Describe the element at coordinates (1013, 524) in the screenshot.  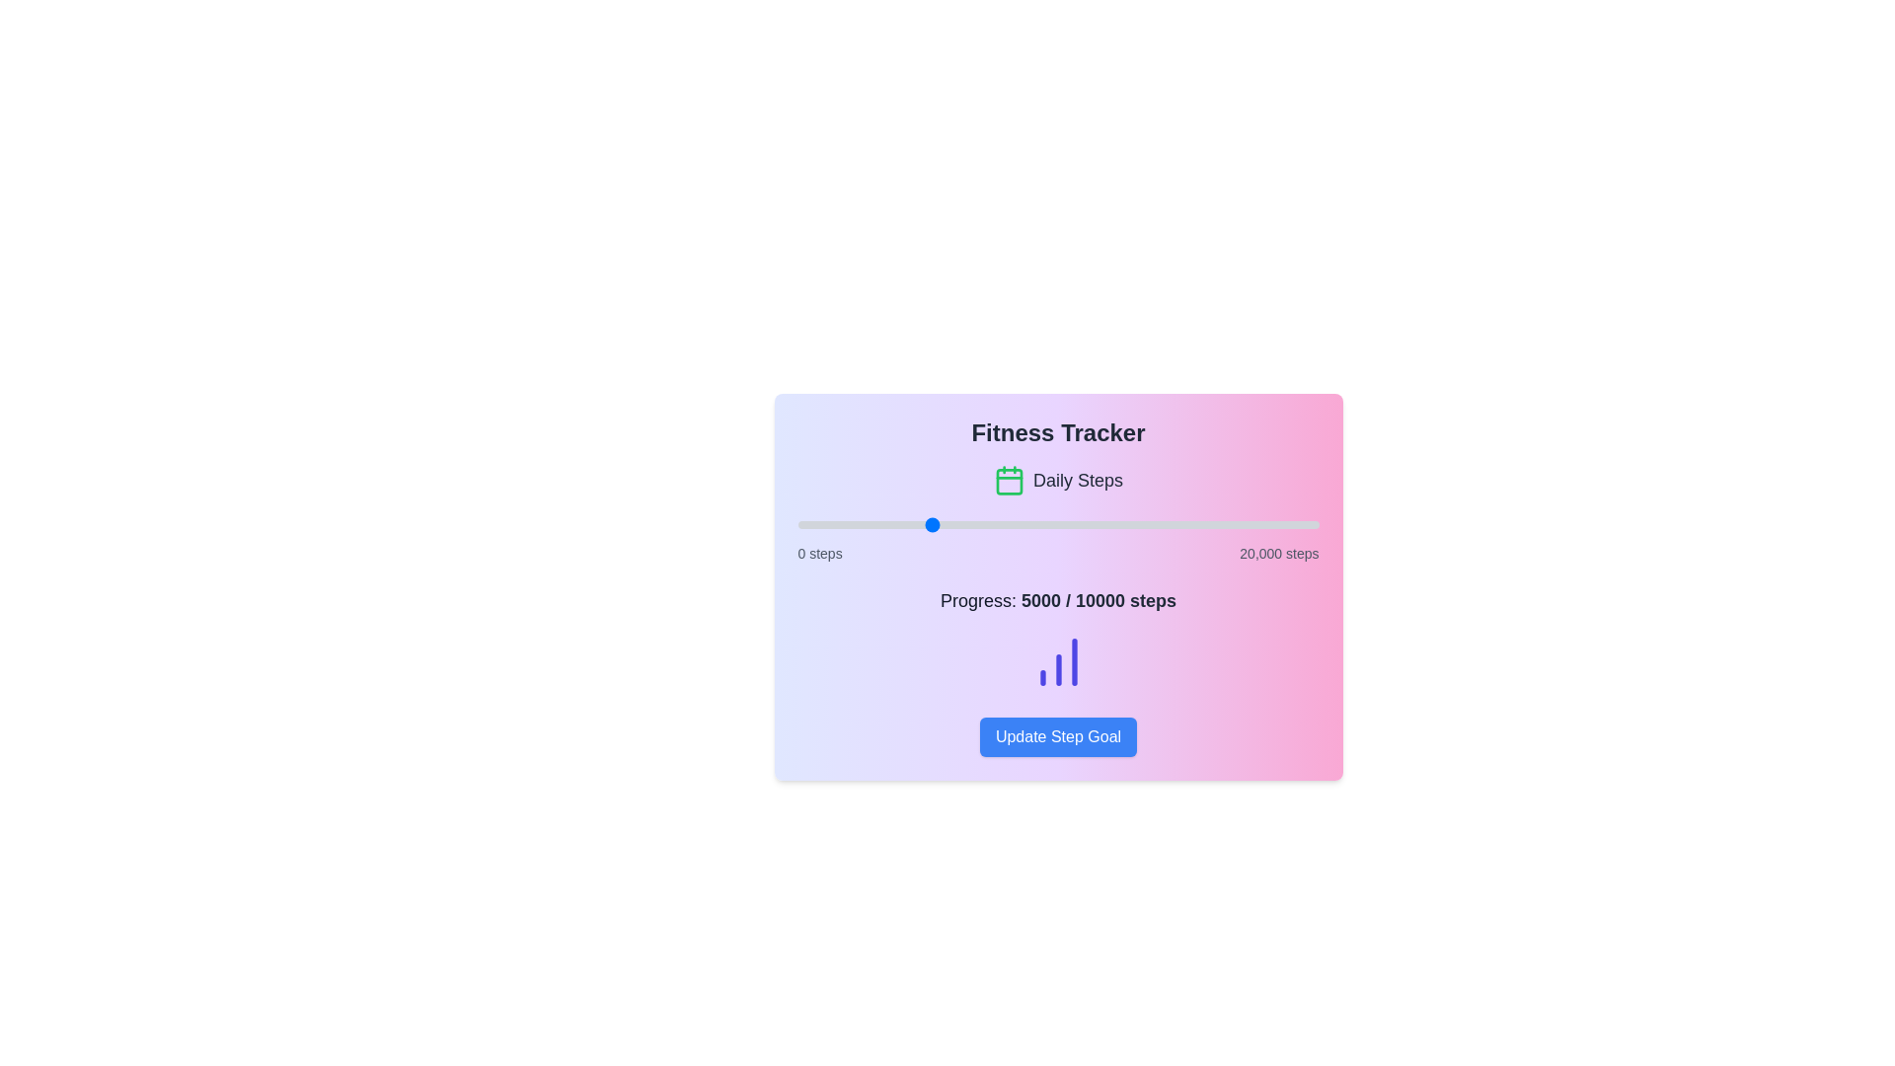
I see `the step progress slider to set the step count to 8273` at that location.